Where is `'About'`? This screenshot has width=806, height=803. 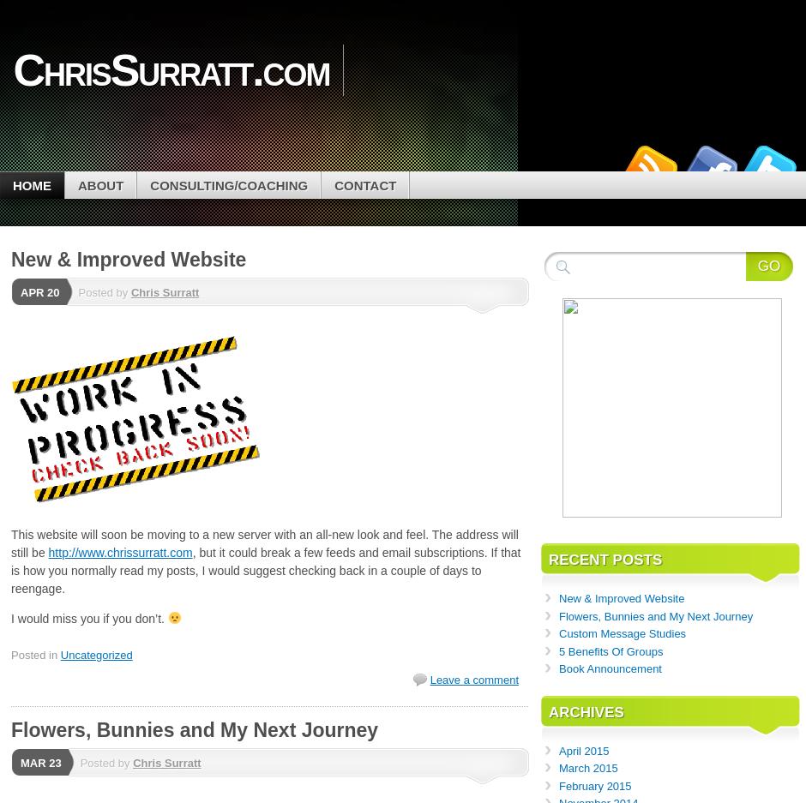
'About' is located at coordinates (100, 184).